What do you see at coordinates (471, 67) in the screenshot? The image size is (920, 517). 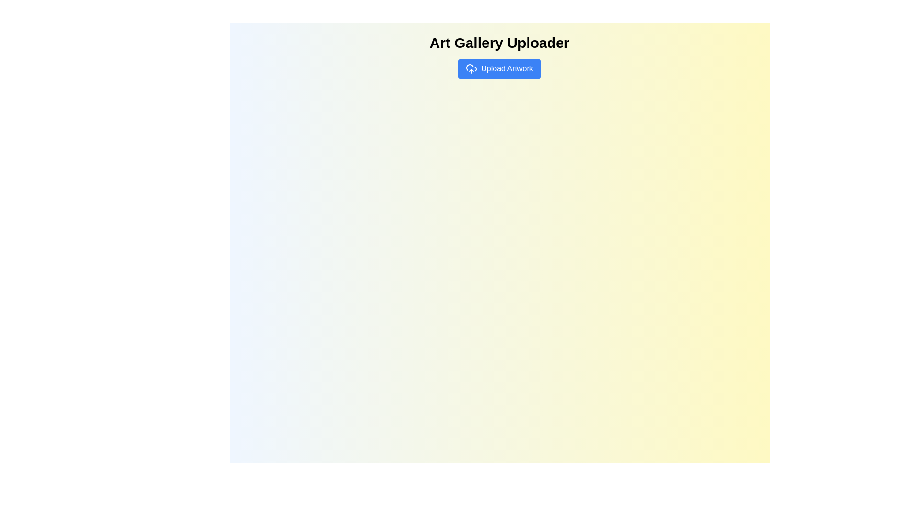 I see `the cloud-shaped icon element within the SVG image, which is part of the graphical representation and adjacent to the 'Upload Artwork' button` at bounding box center [471, 67].